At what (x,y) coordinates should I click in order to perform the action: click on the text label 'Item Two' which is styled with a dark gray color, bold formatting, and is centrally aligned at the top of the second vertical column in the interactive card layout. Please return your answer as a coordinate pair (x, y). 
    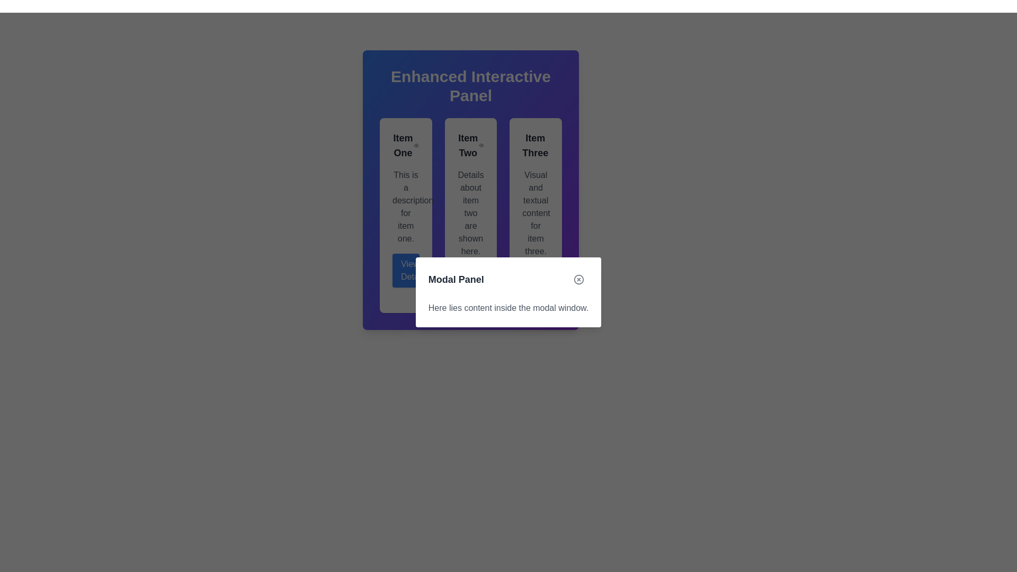
    Looking at the image, I should click on (467, 145).